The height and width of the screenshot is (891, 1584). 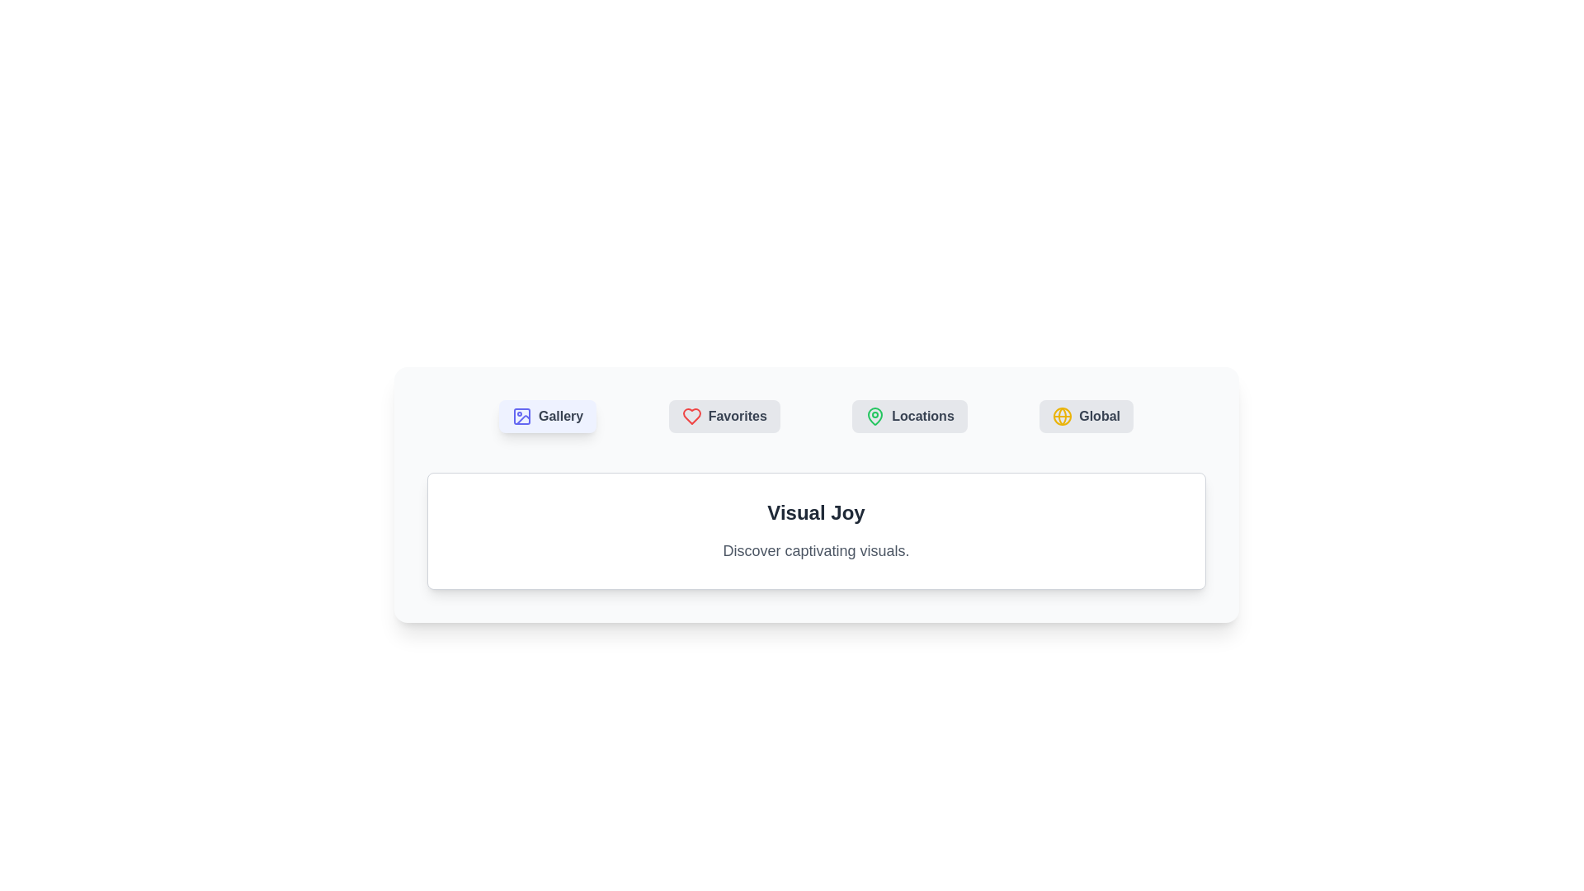 What do you see at coordinates (1063, 416) in the screenshot?
I see `the icon of the button labeled Global` at bounding box center [1063, 416].